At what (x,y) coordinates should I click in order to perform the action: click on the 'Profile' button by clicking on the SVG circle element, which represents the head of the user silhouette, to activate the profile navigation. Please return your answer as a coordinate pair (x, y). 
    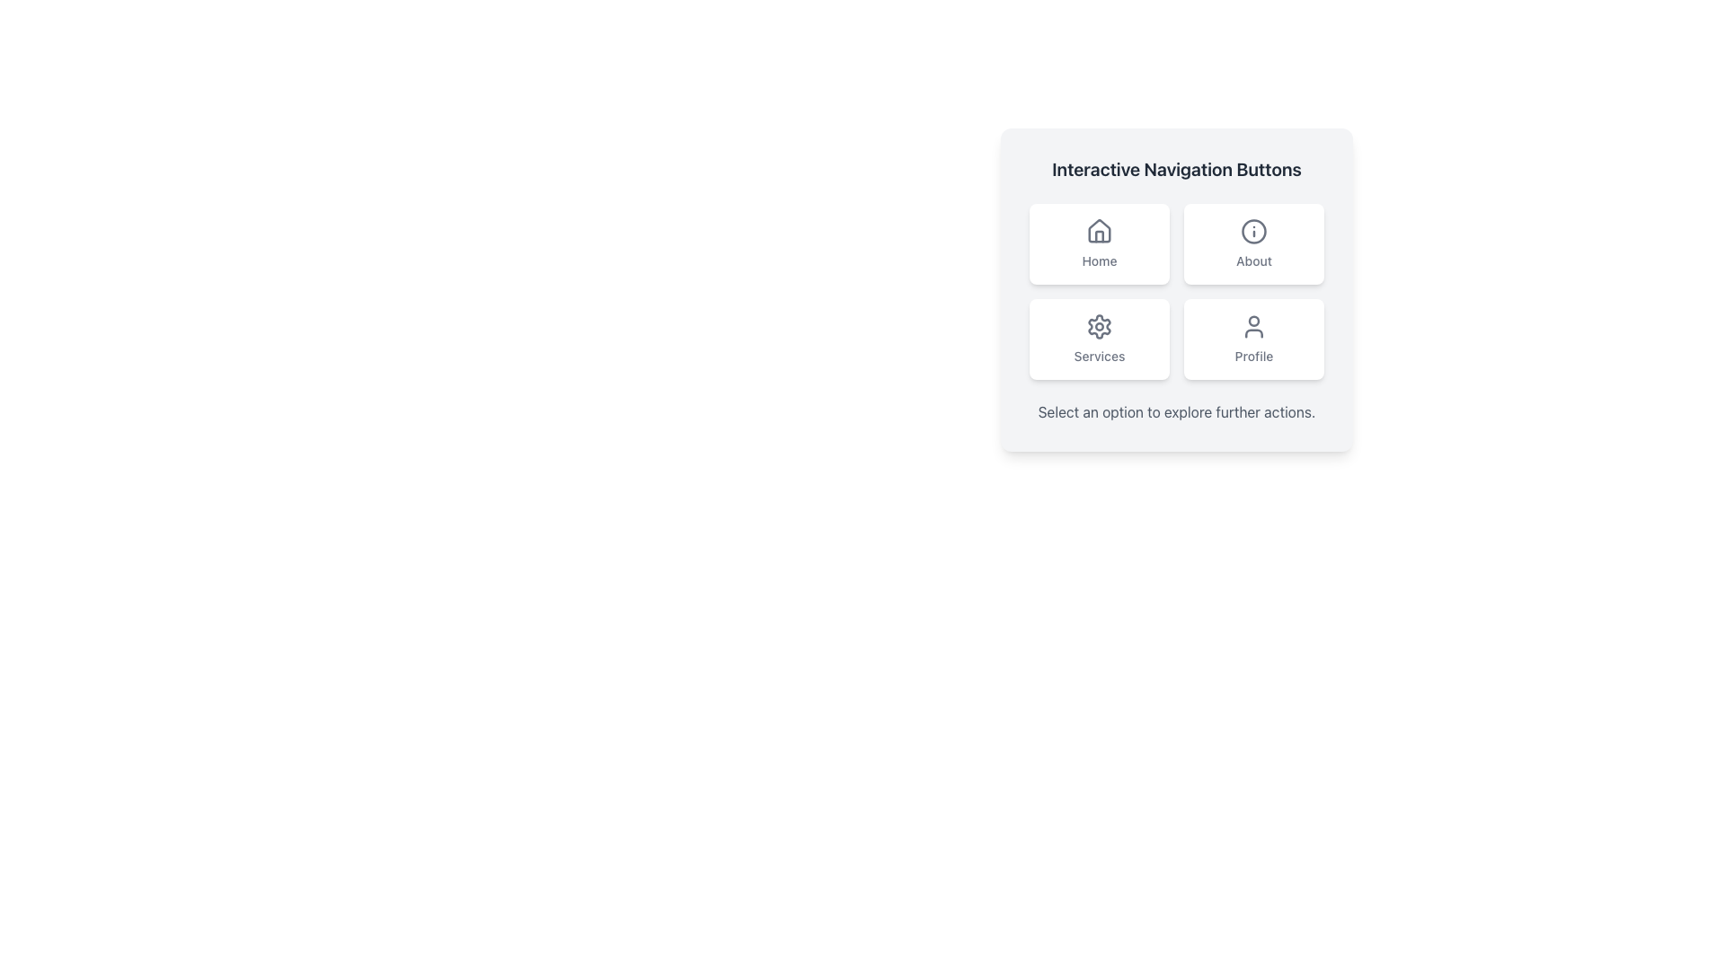
    Looking at the image, I should click on (1253, 320).